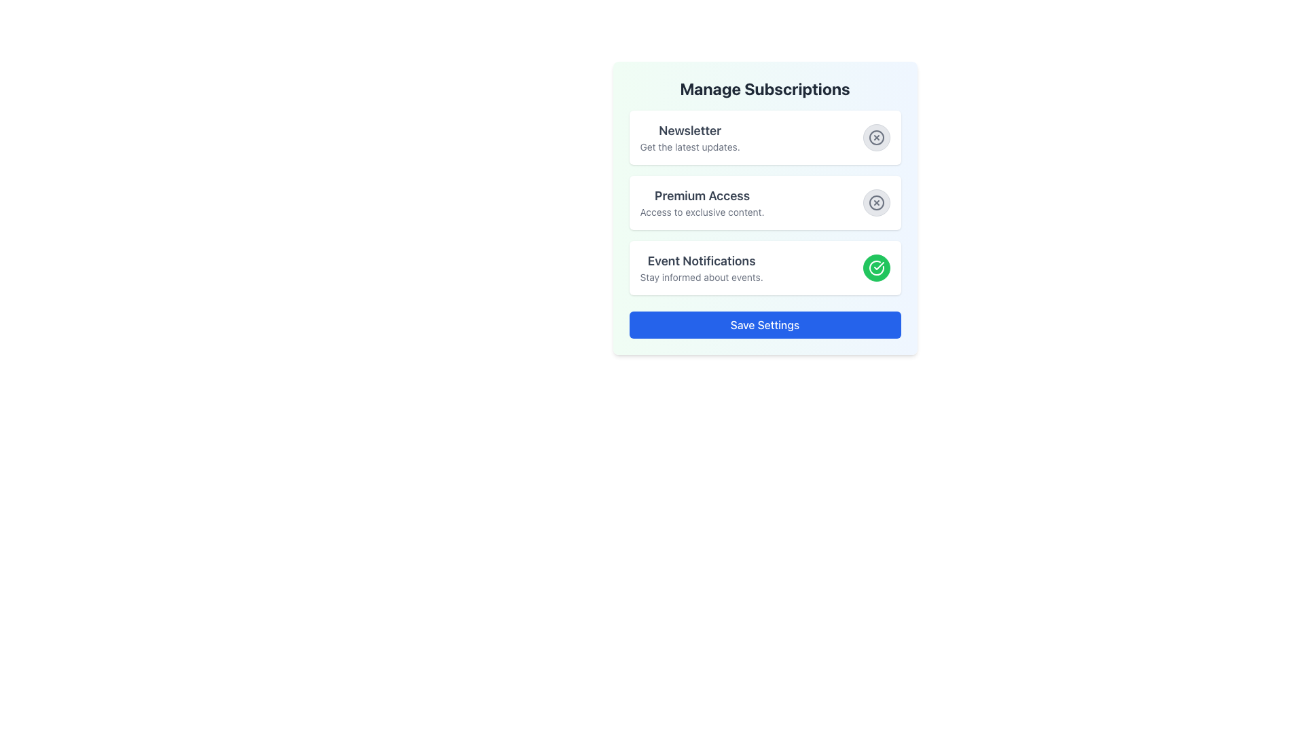 This screenshot has height=733, width=1304. What do you see at coordinates (879, 266) in the screenshot?
I see `the confirmation icon indicating an active subscription to the 'Event Notifications' option, located to the right of the 'Event Notifications' text` at bounding box center [879, 266].